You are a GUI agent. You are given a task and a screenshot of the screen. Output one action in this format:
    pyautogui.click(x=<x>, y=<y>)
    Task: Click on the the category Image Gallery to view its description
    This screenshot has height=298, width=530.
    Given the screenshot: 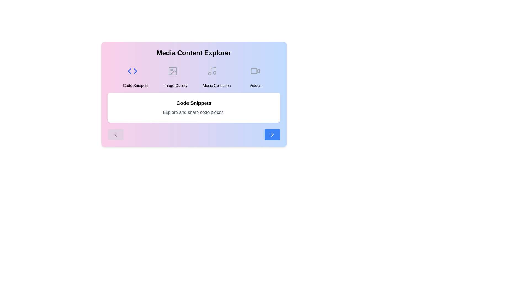 What is the action you would take?
    pyautogui.click(x=175, y=75)
    